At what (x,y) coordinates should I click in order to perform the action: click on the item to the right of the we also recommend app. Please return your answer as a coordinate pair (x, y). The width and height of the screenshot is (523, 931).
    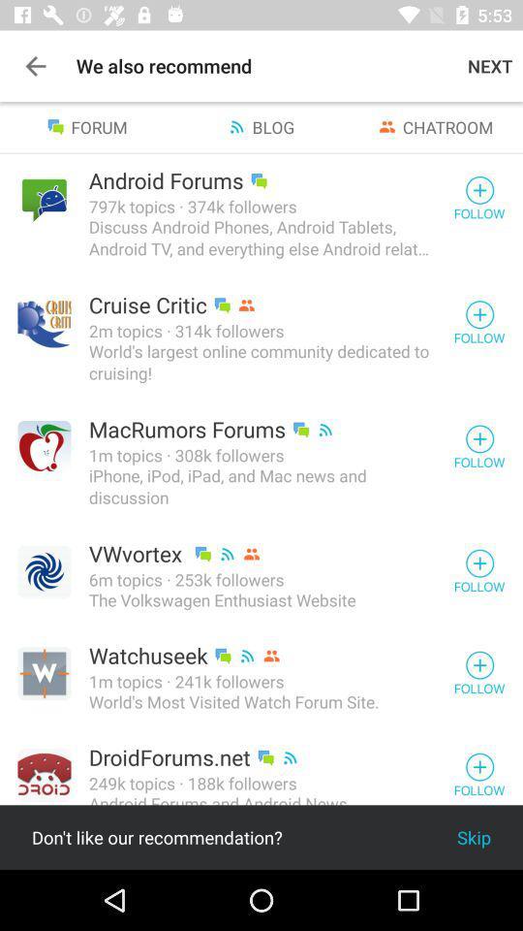
    Looking at the image, I should click on (489, 66).